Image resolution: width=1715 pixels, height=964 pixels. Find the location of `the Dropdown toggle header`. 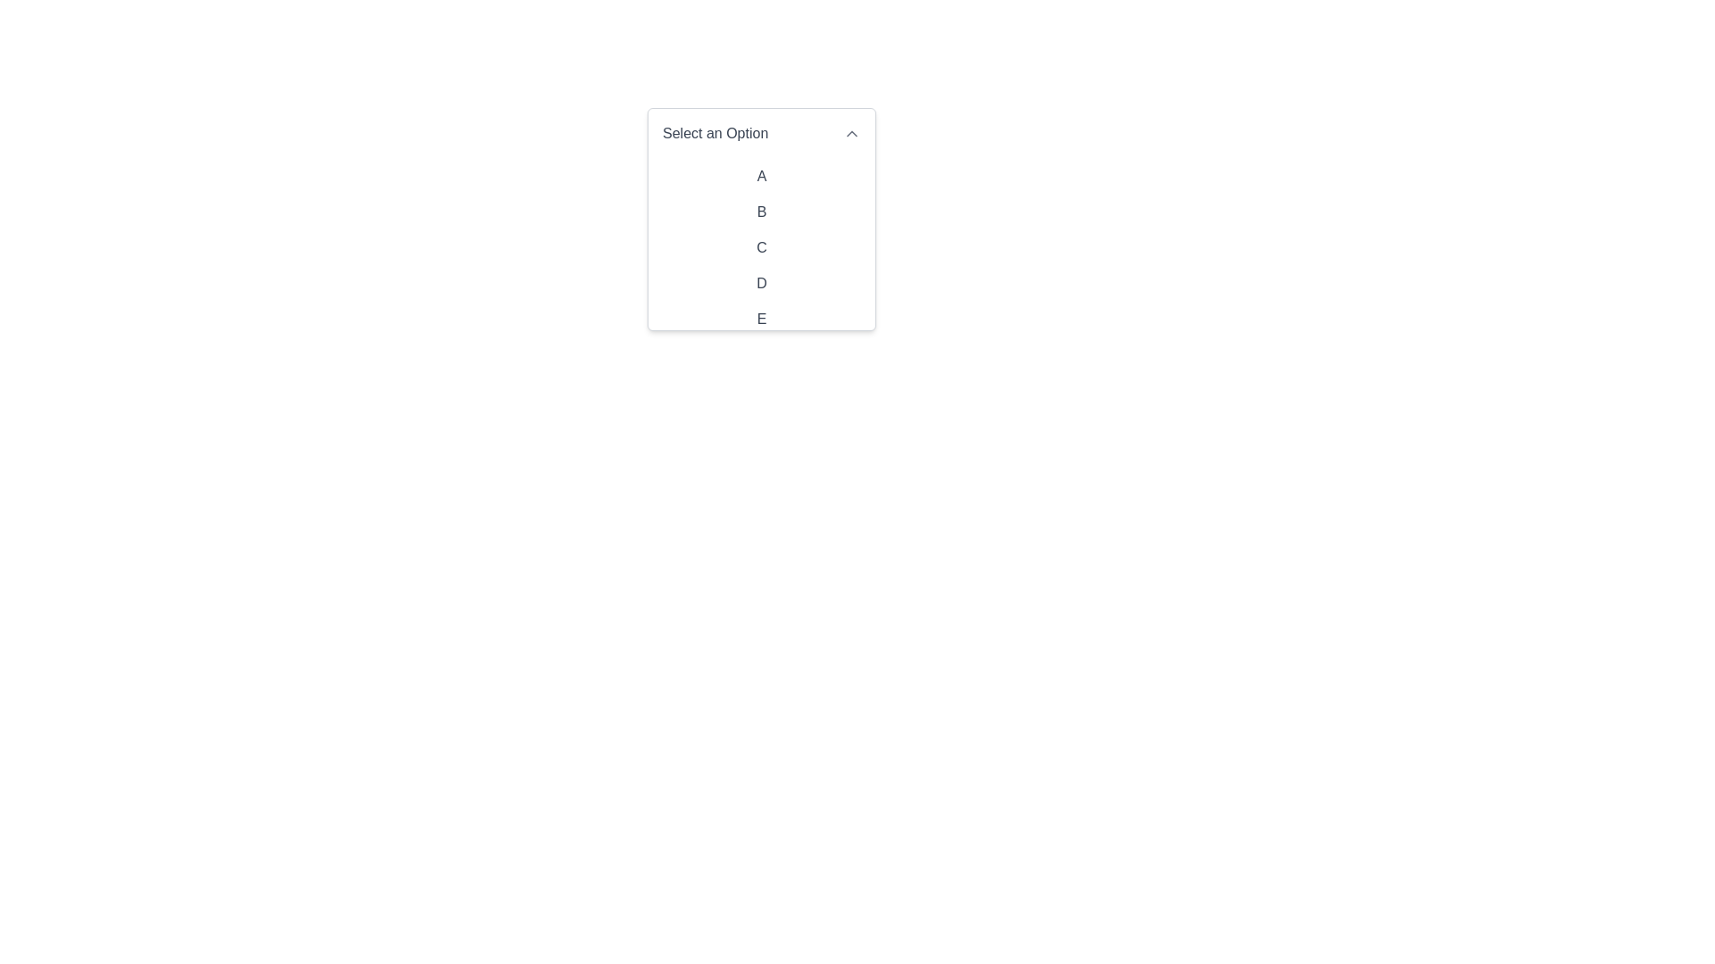

the Dropdown toggle header is located at coordinates (762, 133).